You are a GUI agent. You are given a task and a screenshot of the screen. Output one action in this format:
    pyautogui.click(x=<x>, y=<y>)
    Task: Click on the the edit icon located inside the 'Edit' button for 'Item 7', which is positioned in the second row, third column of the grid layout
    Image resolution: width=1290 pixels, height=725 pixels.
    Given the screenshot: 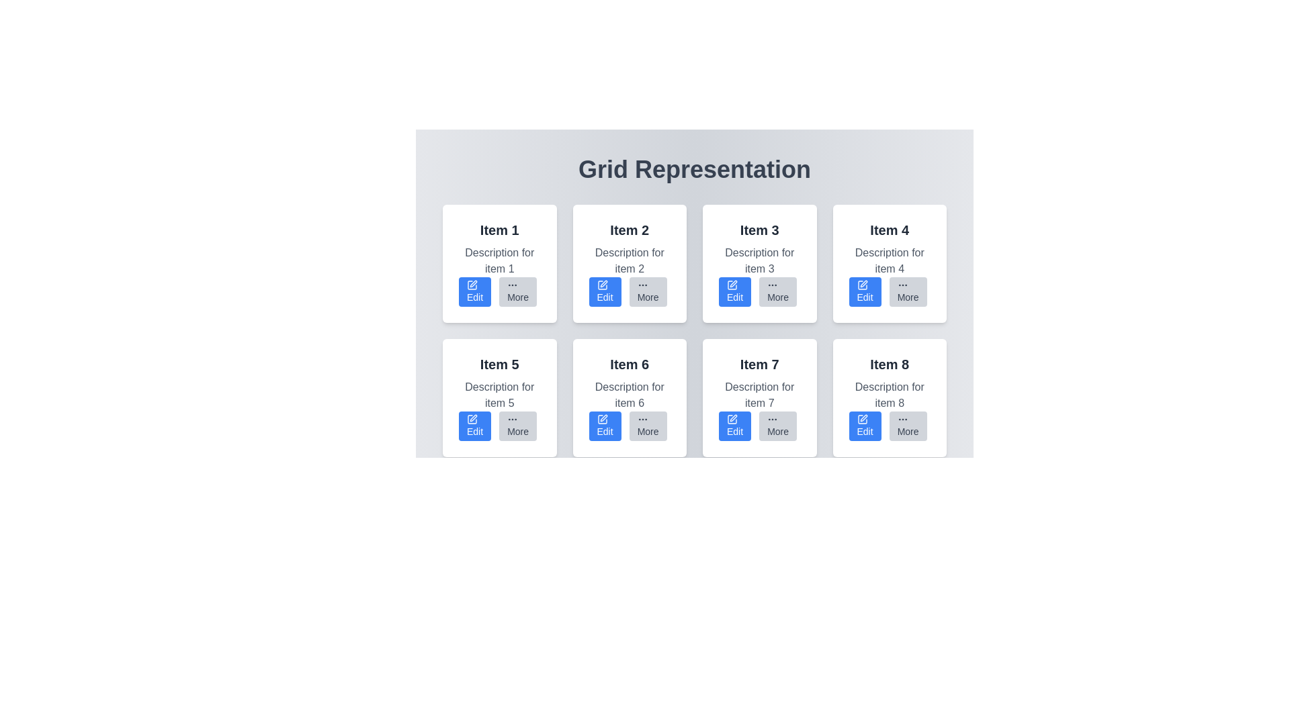 What is the action you would take?
    pyautogui.click(x=731, y=418)
    